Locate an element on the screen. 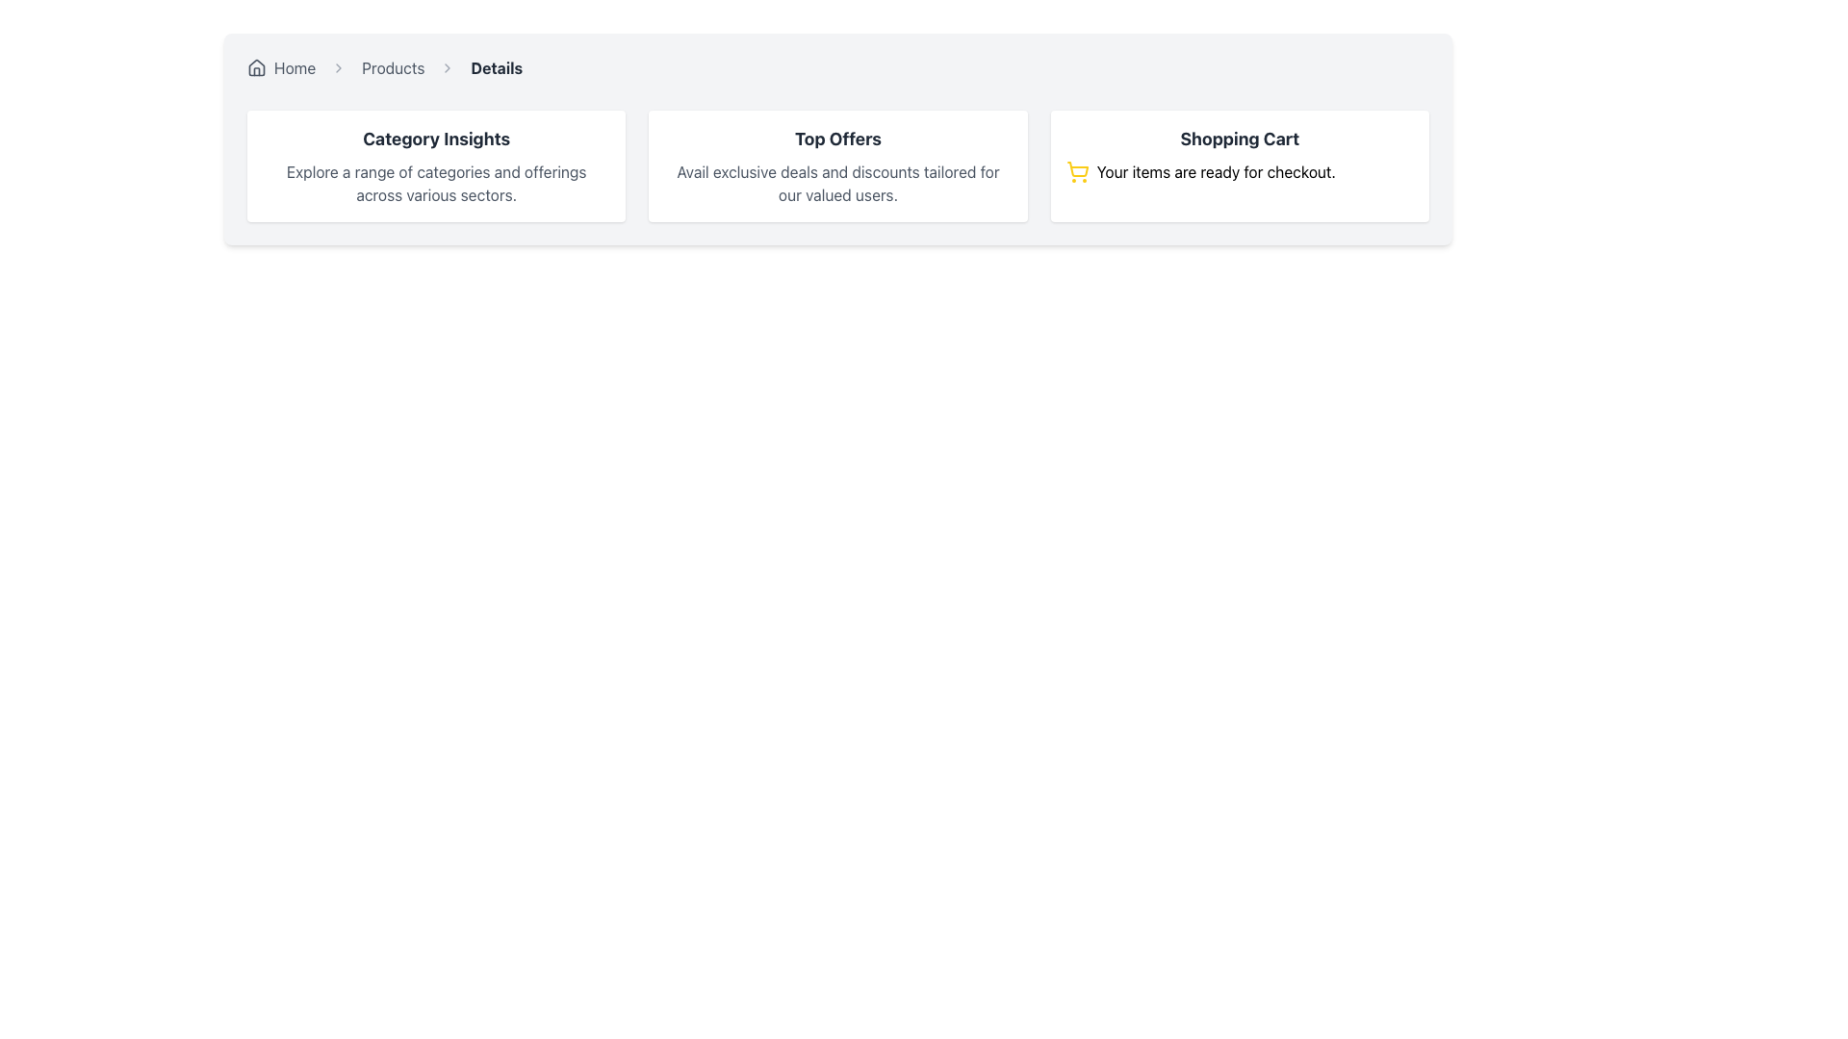  the non-interactive Text block located inside the 'Category Insights' card, positioned below the heading in the top-left section of the card is located at coordinates (435, 184).